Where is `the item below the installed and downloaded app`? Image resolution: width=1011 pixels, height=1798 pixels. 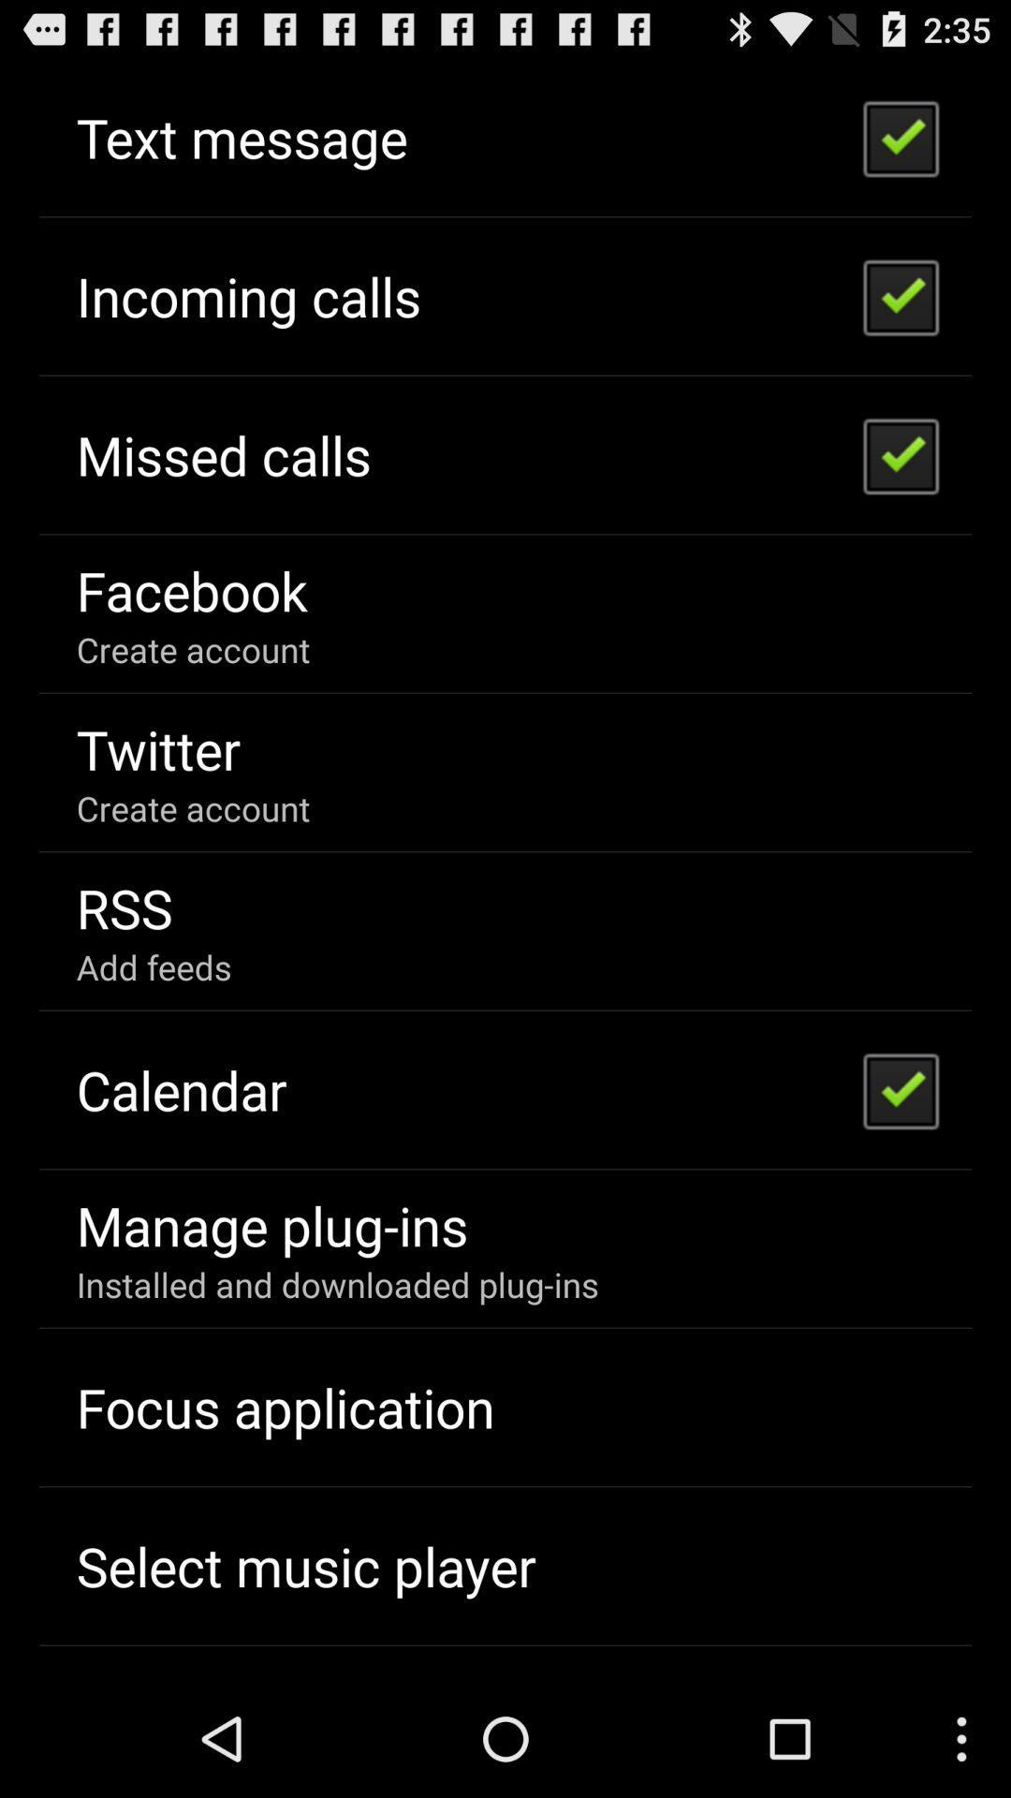
the item below the installed and downloaded app is located at coordinates (286, 1407).